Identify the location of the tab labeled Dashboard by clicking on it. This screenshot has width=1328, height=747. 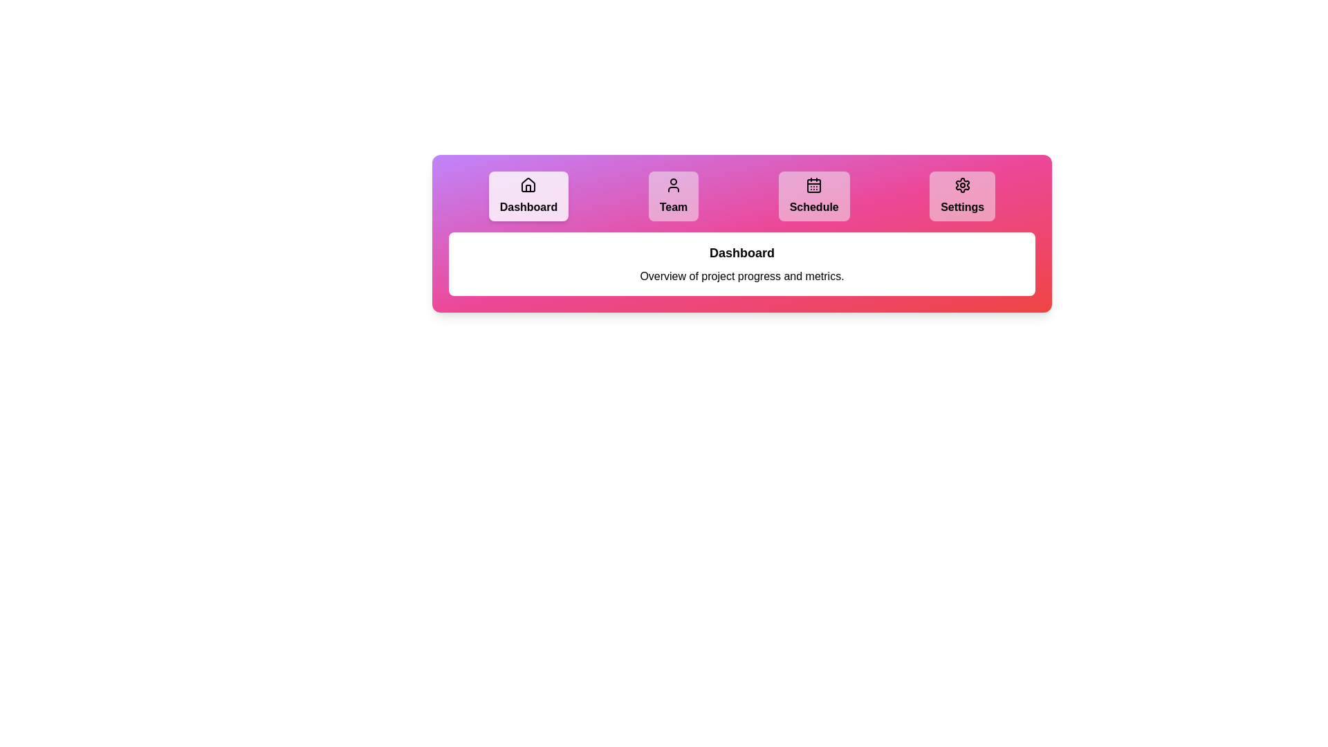
(528, 196).